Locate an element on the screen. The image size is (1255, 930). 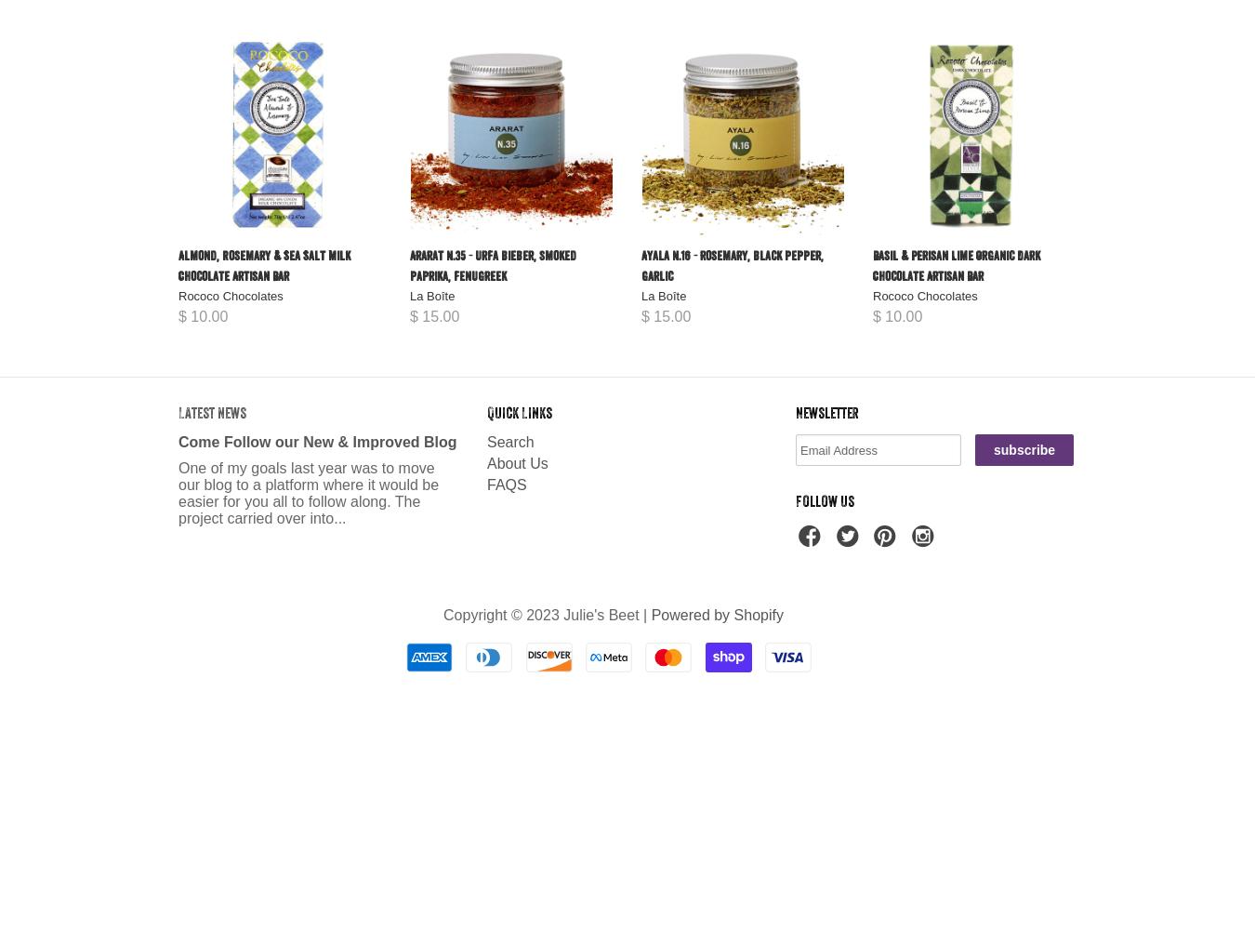
'Almond, Rosemary & Sea Salt Milk Chocolate Artisan Bar' is located at coordinates (263, 266).